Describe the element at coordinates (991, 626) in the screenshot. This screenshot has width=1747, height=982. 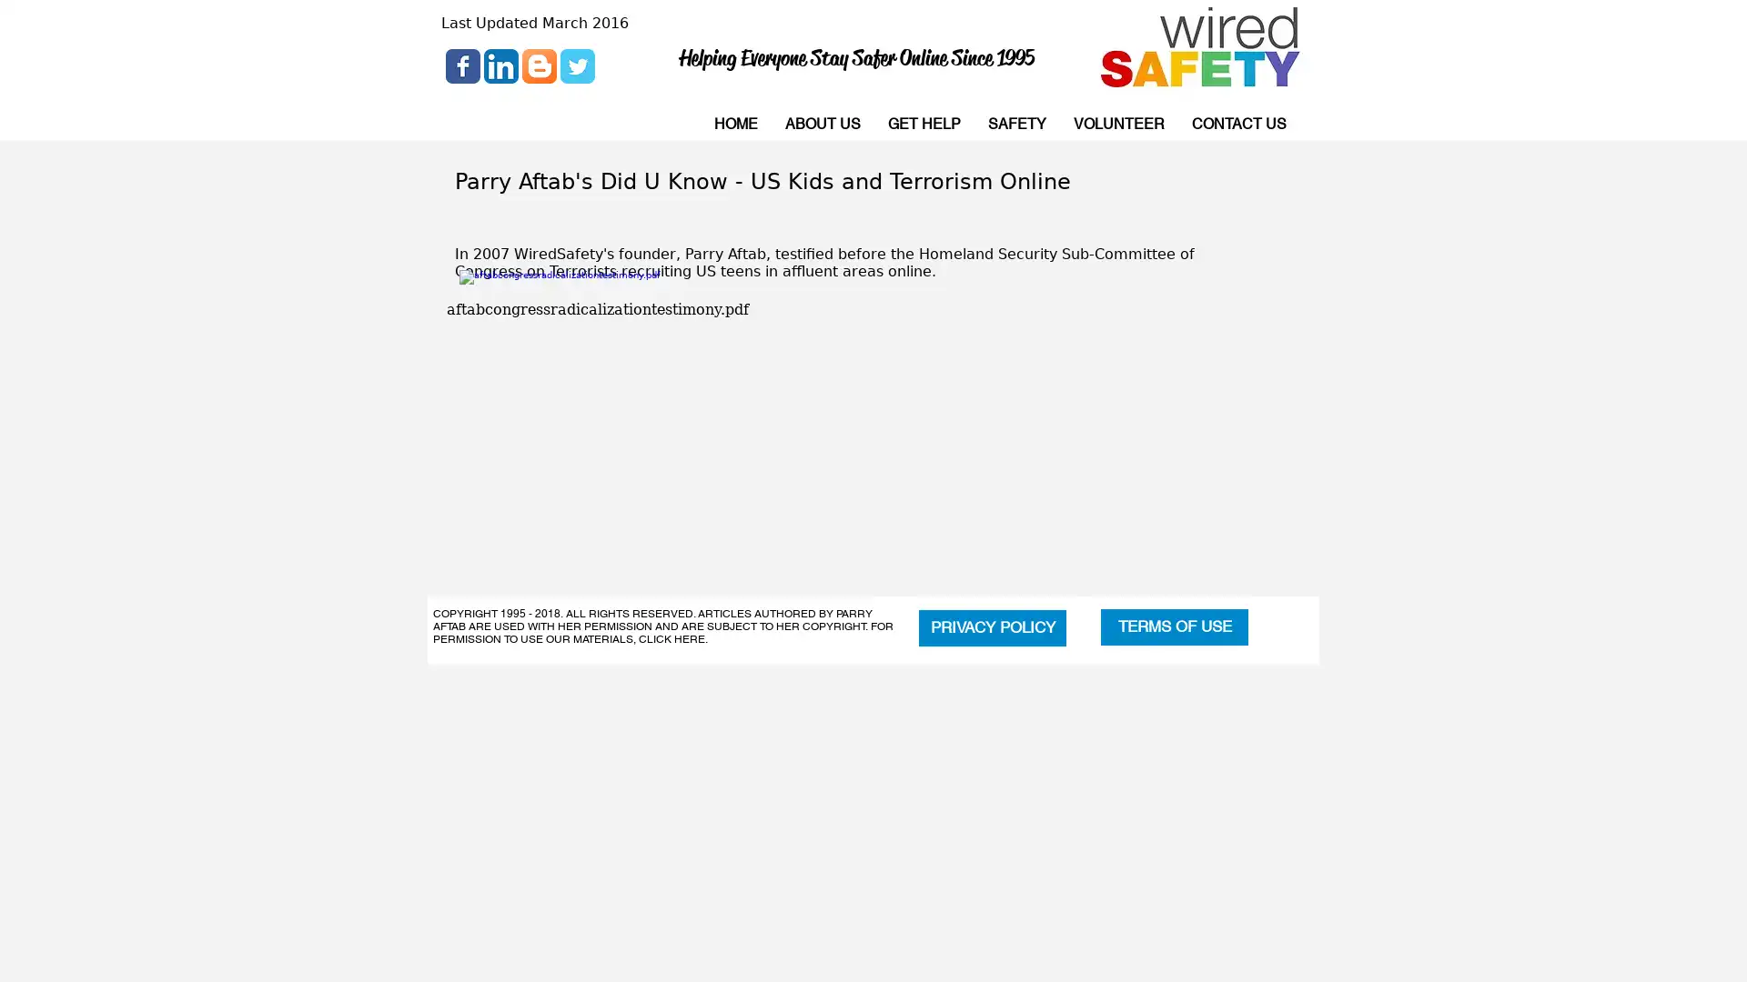
I see `PRIVACY POLICY` at that location.